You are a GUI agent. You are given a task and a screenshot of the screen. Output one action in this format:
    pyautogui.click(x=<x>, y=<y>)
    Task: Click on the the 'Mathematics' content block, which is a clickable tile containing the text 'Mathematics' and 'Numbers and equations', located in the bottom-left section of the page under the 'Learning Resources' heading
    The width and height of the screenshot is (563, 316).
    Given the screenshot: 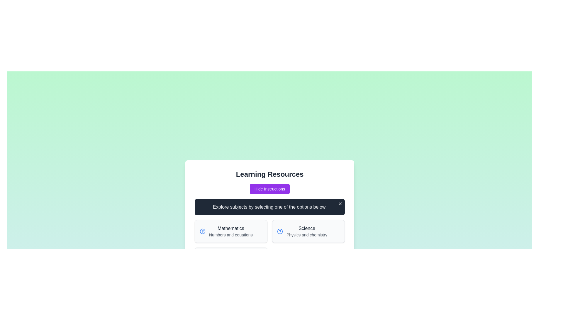 What is the action you would take?
    pyautogui.click(x=230, y=231)
    